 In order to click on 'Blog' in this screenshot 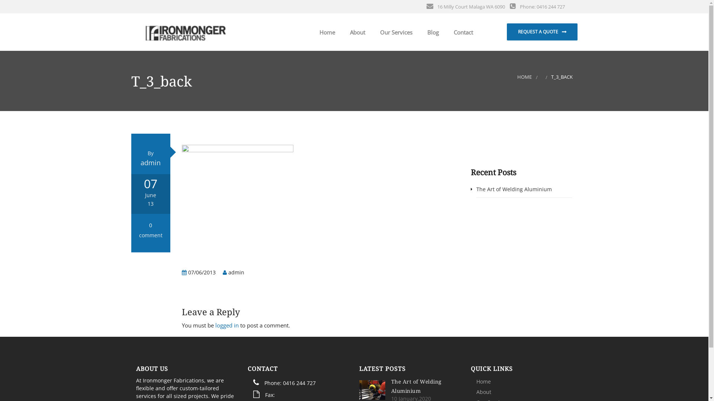, I will do `click(431, 32)`.